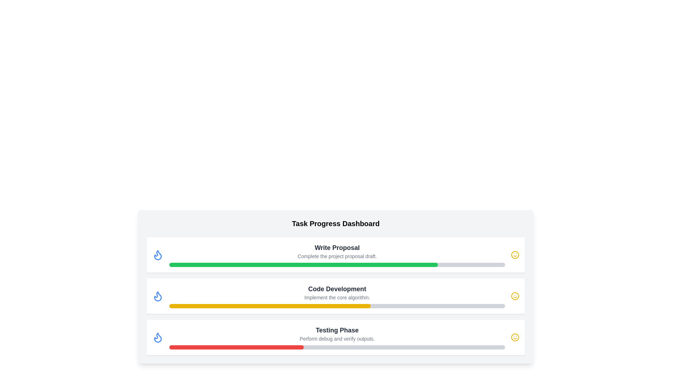 The width and height of the screenshot is (683, 384). Describe the element at coordinates (337, 265) in the screenshot. I see `the horizontal progress bar located at the bottom of the 'Write Proposal' section, which has a light gray background and green fill indicating 80% progress` at that location.